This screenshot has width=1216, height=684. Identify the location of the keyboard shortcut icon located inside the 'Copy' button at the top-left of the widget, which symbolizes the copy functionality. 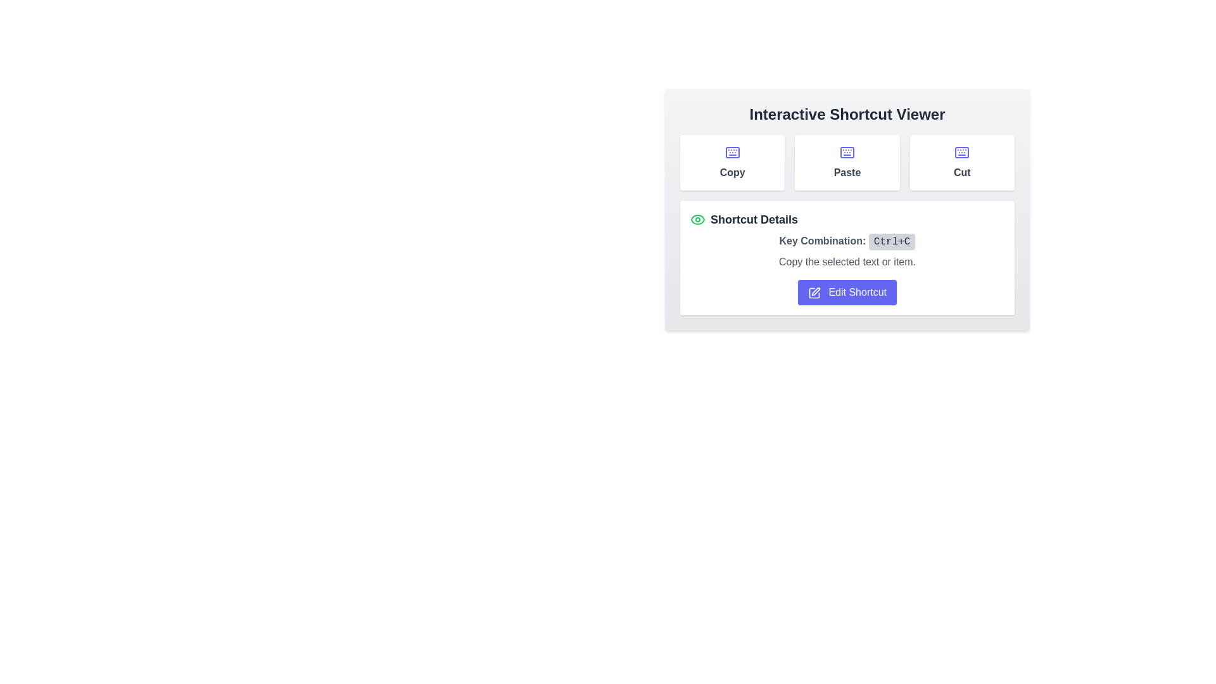
(732, 151).